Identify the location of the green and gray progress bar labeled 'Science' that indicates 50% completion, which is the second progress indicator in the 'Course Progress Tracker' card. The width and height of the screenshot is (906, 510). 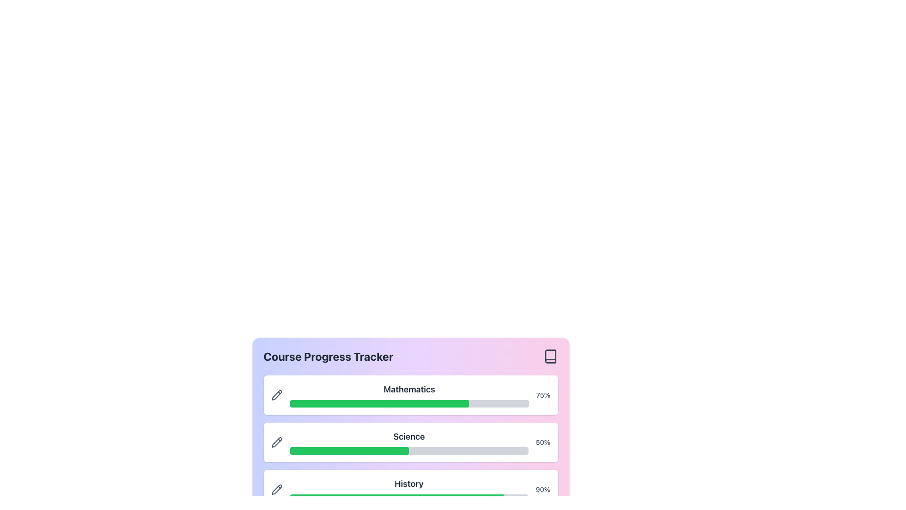
(411, 442).